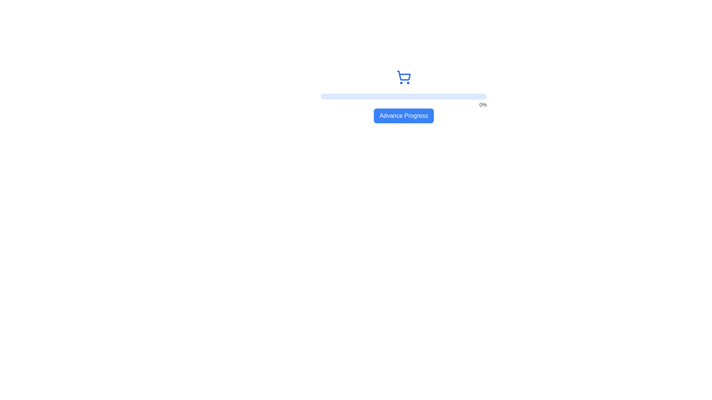 This screenshot has width=712, height=400. What do you see at coordinates (403, 116) in the screenshot?
I see `the button located directly below the progress bar and shopping cart icon` at bounding box center [403, 116].